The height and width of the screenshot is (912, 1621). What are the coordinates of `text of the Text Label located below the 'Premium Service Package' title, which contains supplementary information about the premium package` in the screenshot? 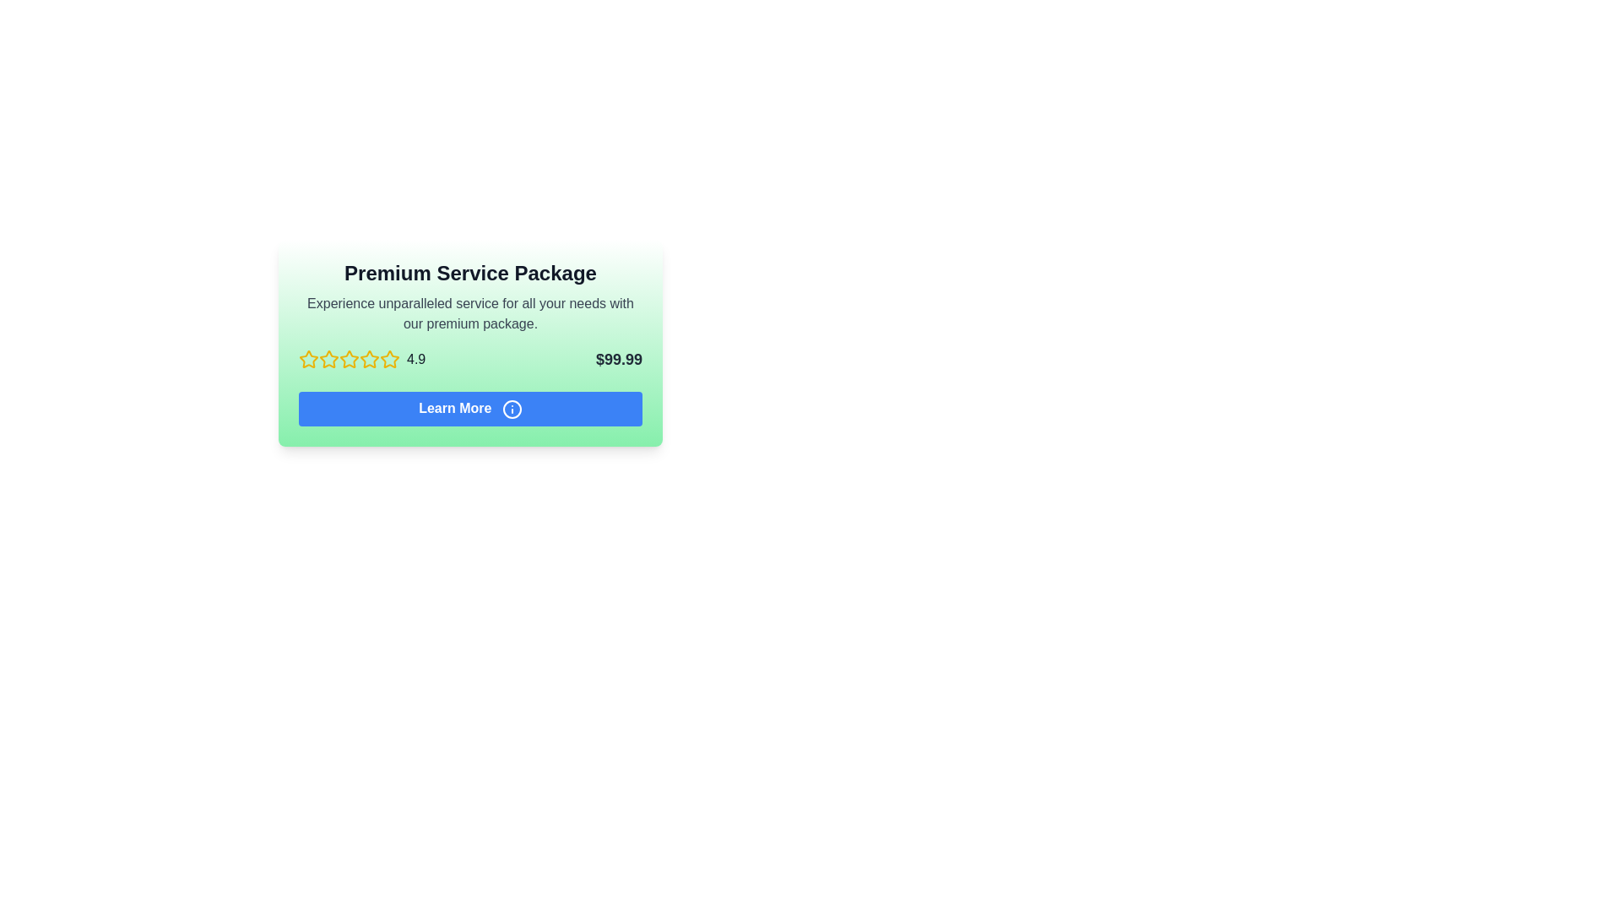 It's located at (470, 313).